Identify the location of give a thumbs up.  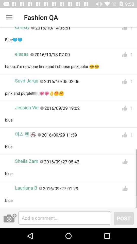
(125, 188).